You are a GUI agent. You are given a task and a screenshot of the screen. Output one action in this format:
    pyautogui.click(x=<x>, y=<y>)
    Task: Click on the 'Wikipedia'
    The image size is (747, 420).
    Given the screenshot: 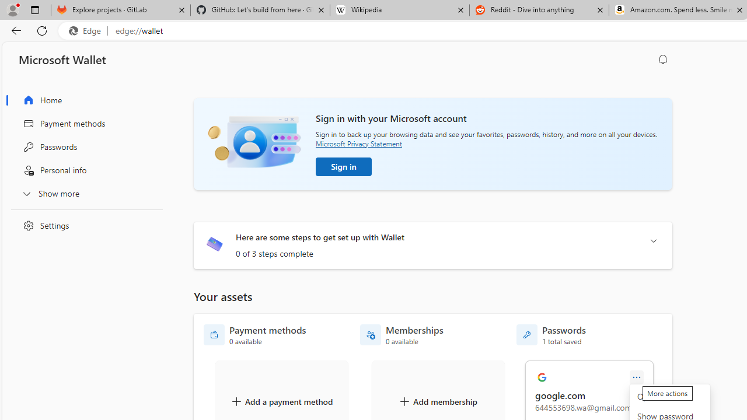 What is the action you would take?
    pyautogui.click(x=399, y=10)
    